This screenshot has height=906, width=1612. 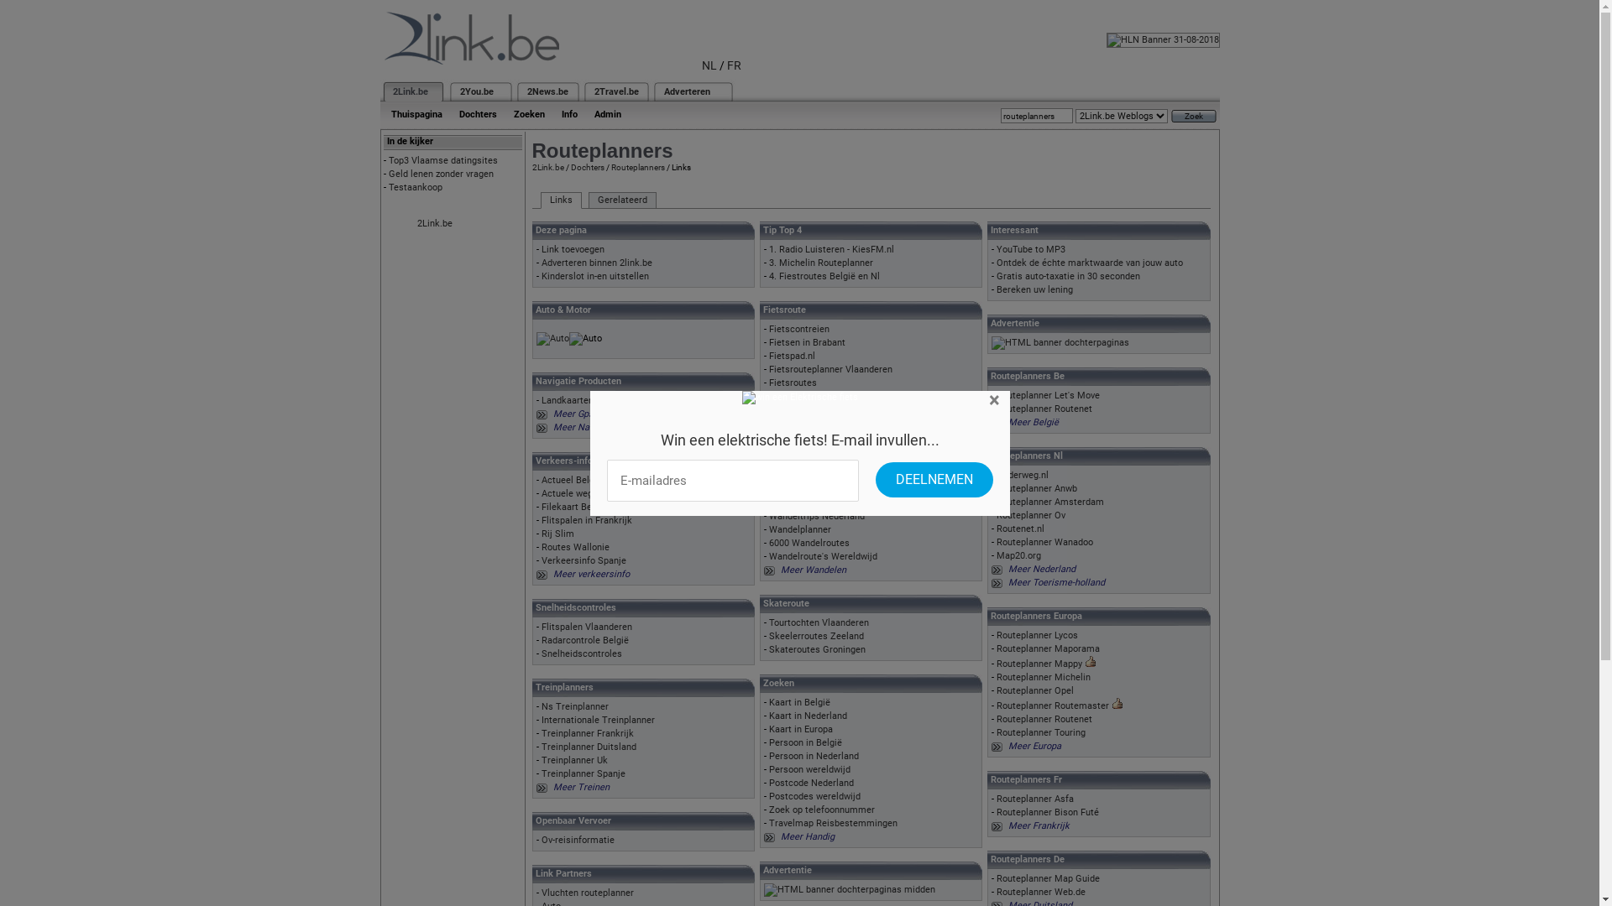 What do you see at coordinates (588, 167) in the screenshot?
I see `'Dochters'` at bounding box center [588, 167].